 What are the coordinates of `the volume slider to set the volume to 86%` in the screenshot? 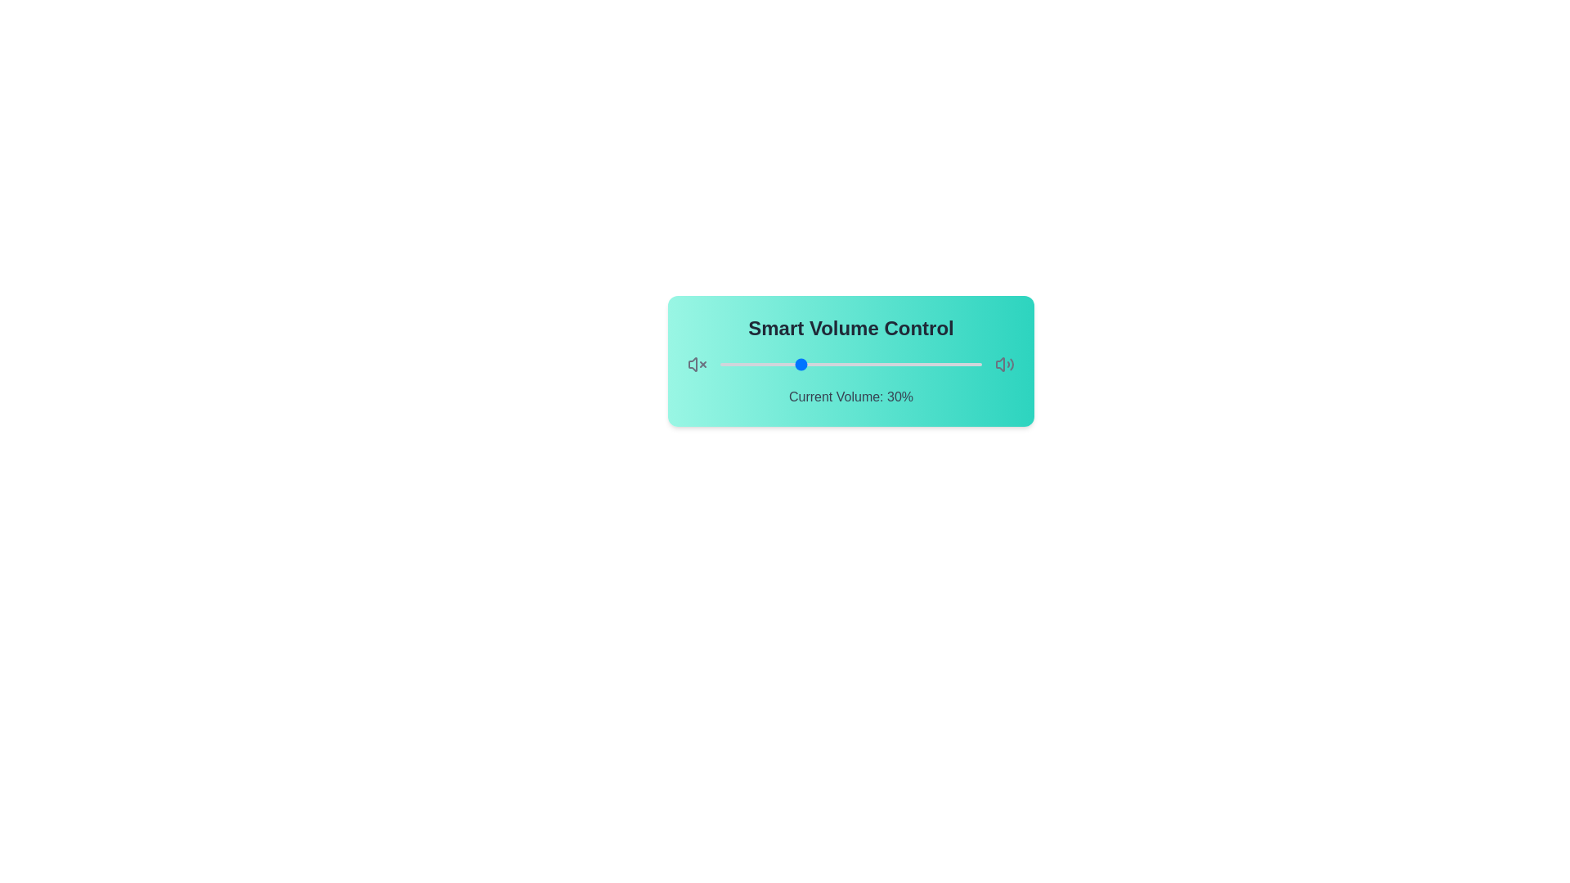 It's located at (945, 364).